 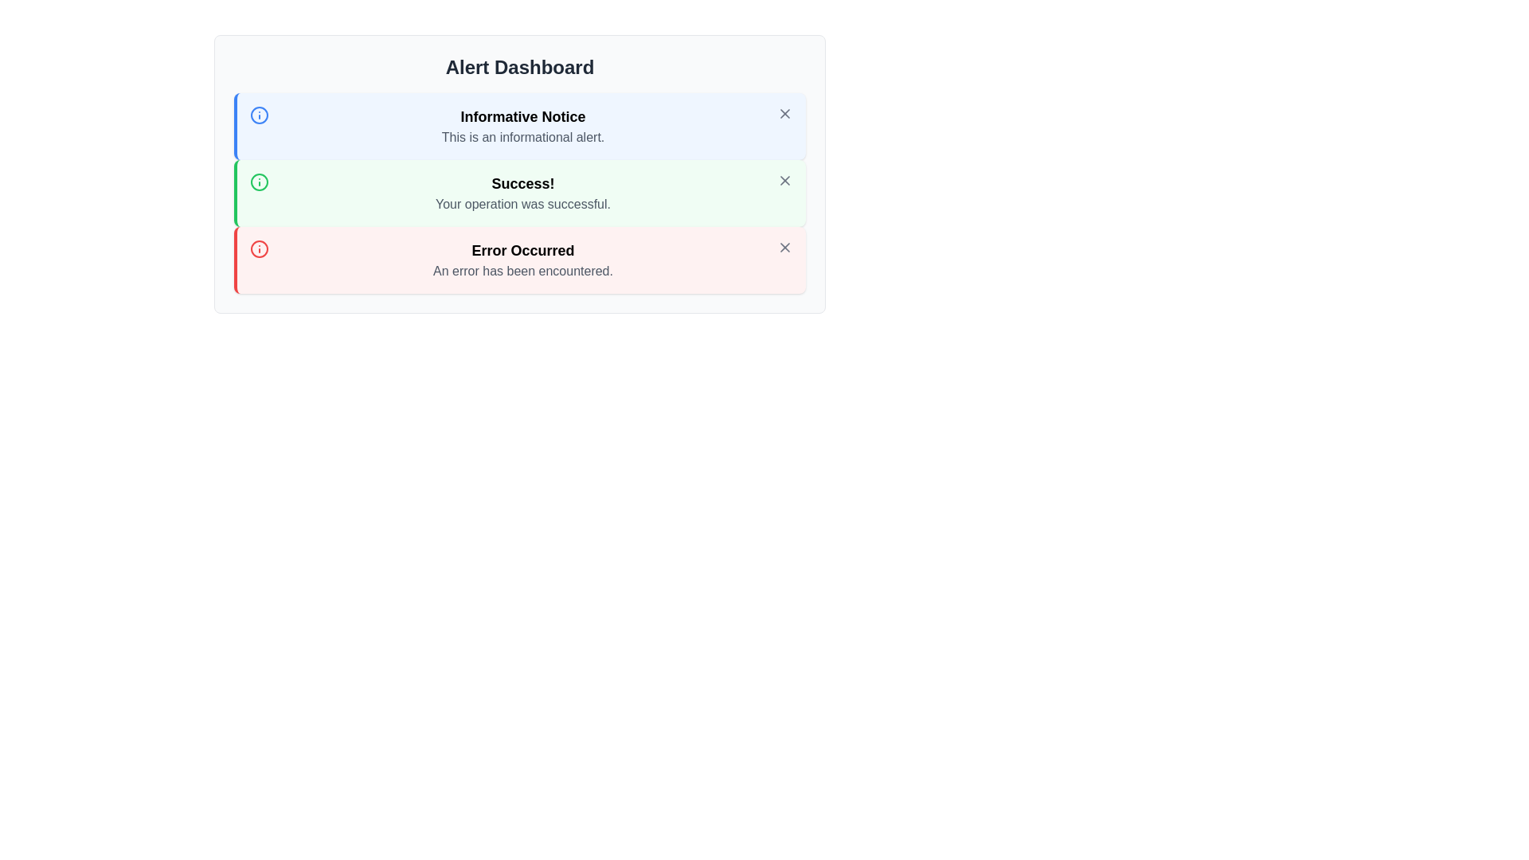 What do you see at coordinates (260, 115) in the screenshot?
I see `the Circular icon with a blue outline, which is part of the 'Informative Notice' section on the alert dashboard, to gather information` at bounding box center [260, 115].